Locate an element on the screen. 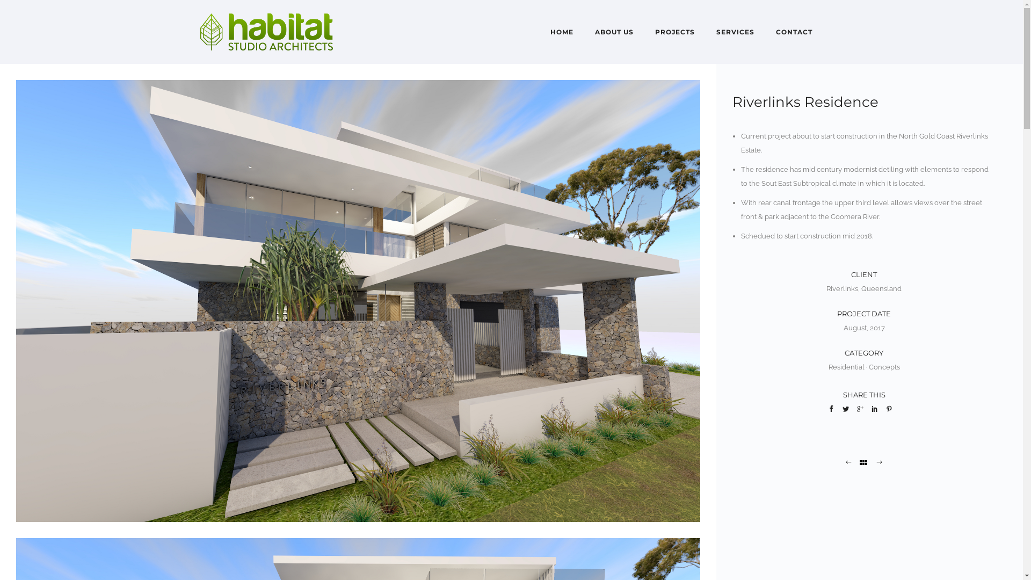 This screenshot has height=580, width=1031. 'ABOUT US' is located at coordinates (614, 31).